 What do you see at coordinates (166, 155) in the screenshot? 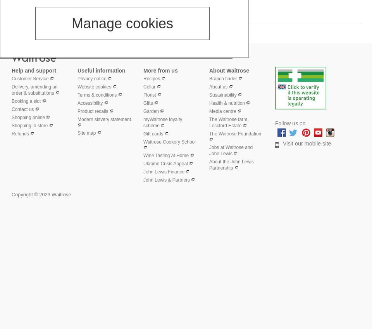
I see `'Wine Tasting at Home'` at bounding box center [166, 155].